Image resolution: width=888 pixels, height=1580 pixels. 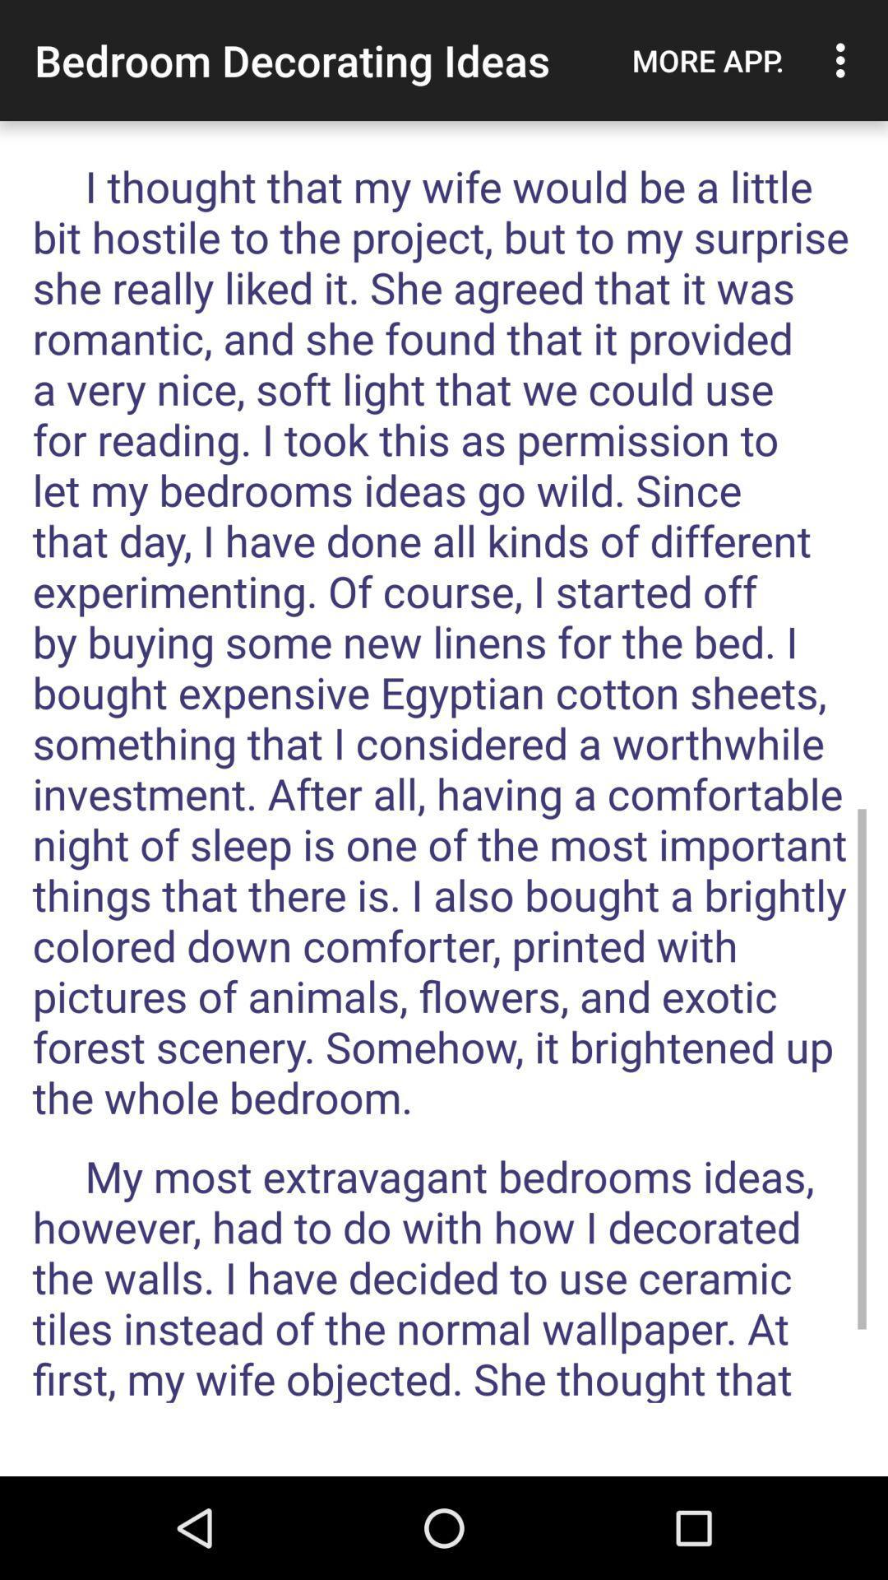 What do you see at coordinates (844, 60) in the screenshot?
I see `the icon next to the more app.` at bounding box center [844, 60].